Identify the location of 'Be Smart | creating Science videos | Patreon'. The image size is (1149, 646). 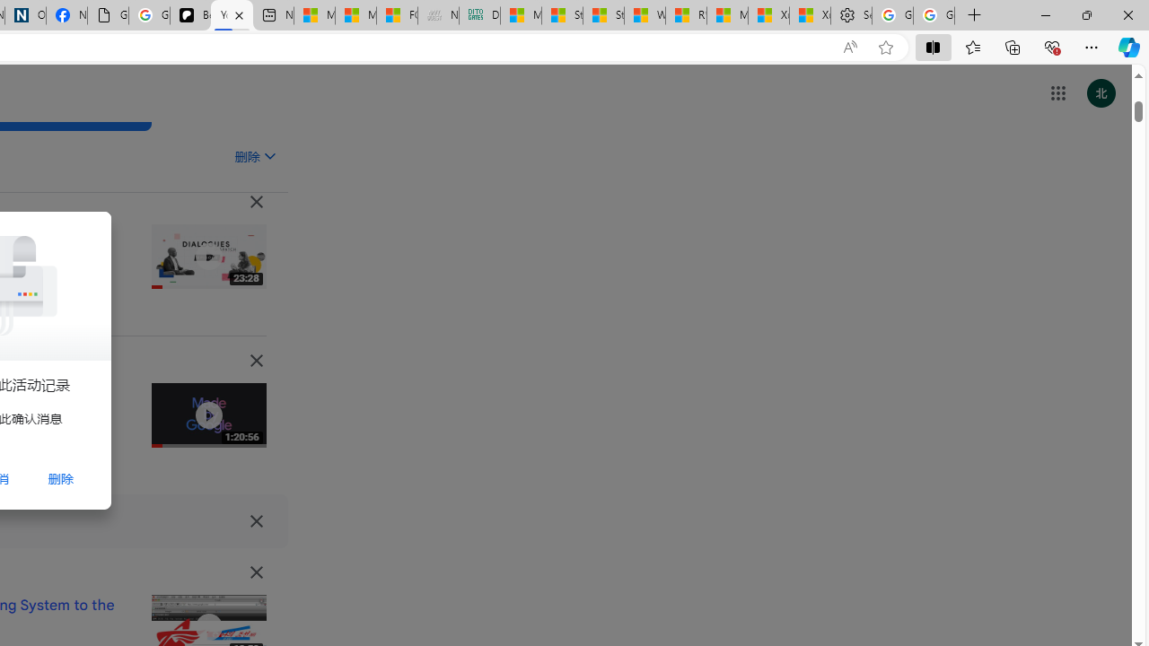
(190, 15).